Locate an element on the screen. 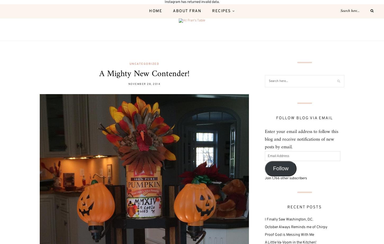  'Instagram has returned invalid data.' is located at coordinates (191, 2).